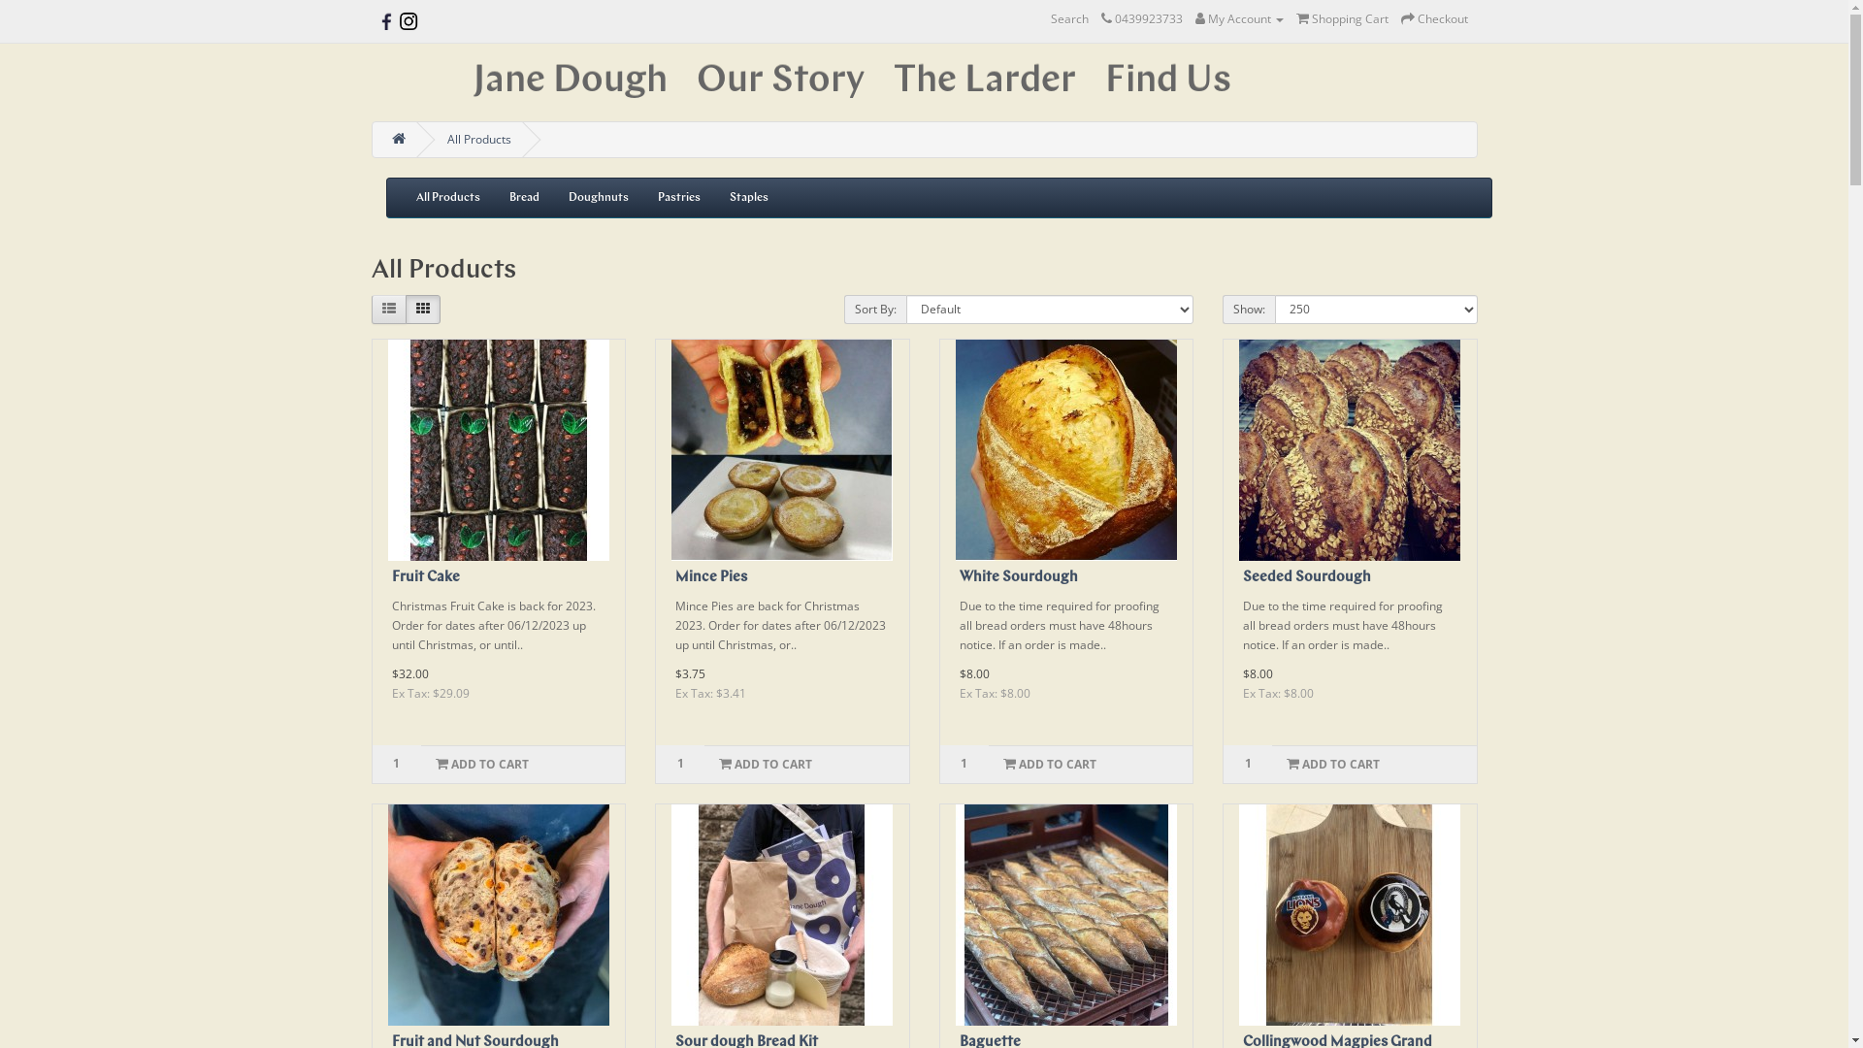  I want to click on 'Shopping Cart', so click(1341, 18).